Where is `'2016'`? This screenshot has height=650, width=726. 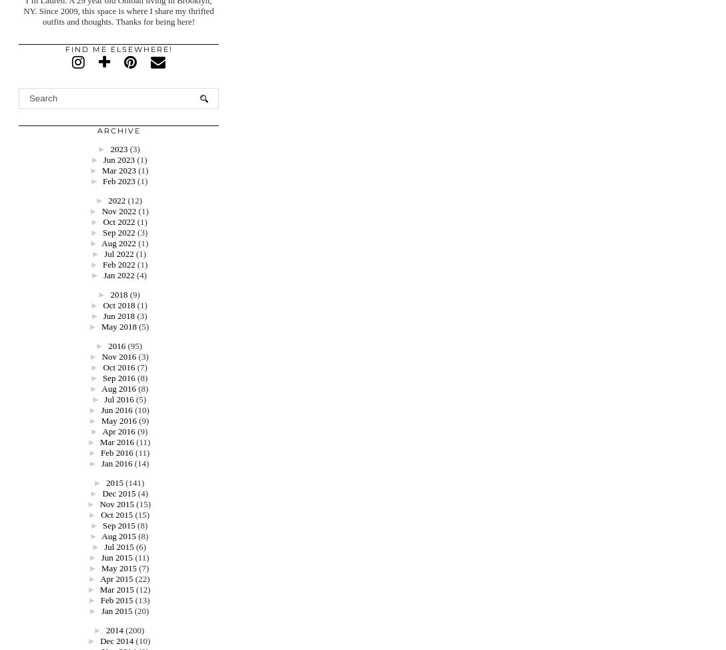 '2016' is located at coordinates (115, 346).